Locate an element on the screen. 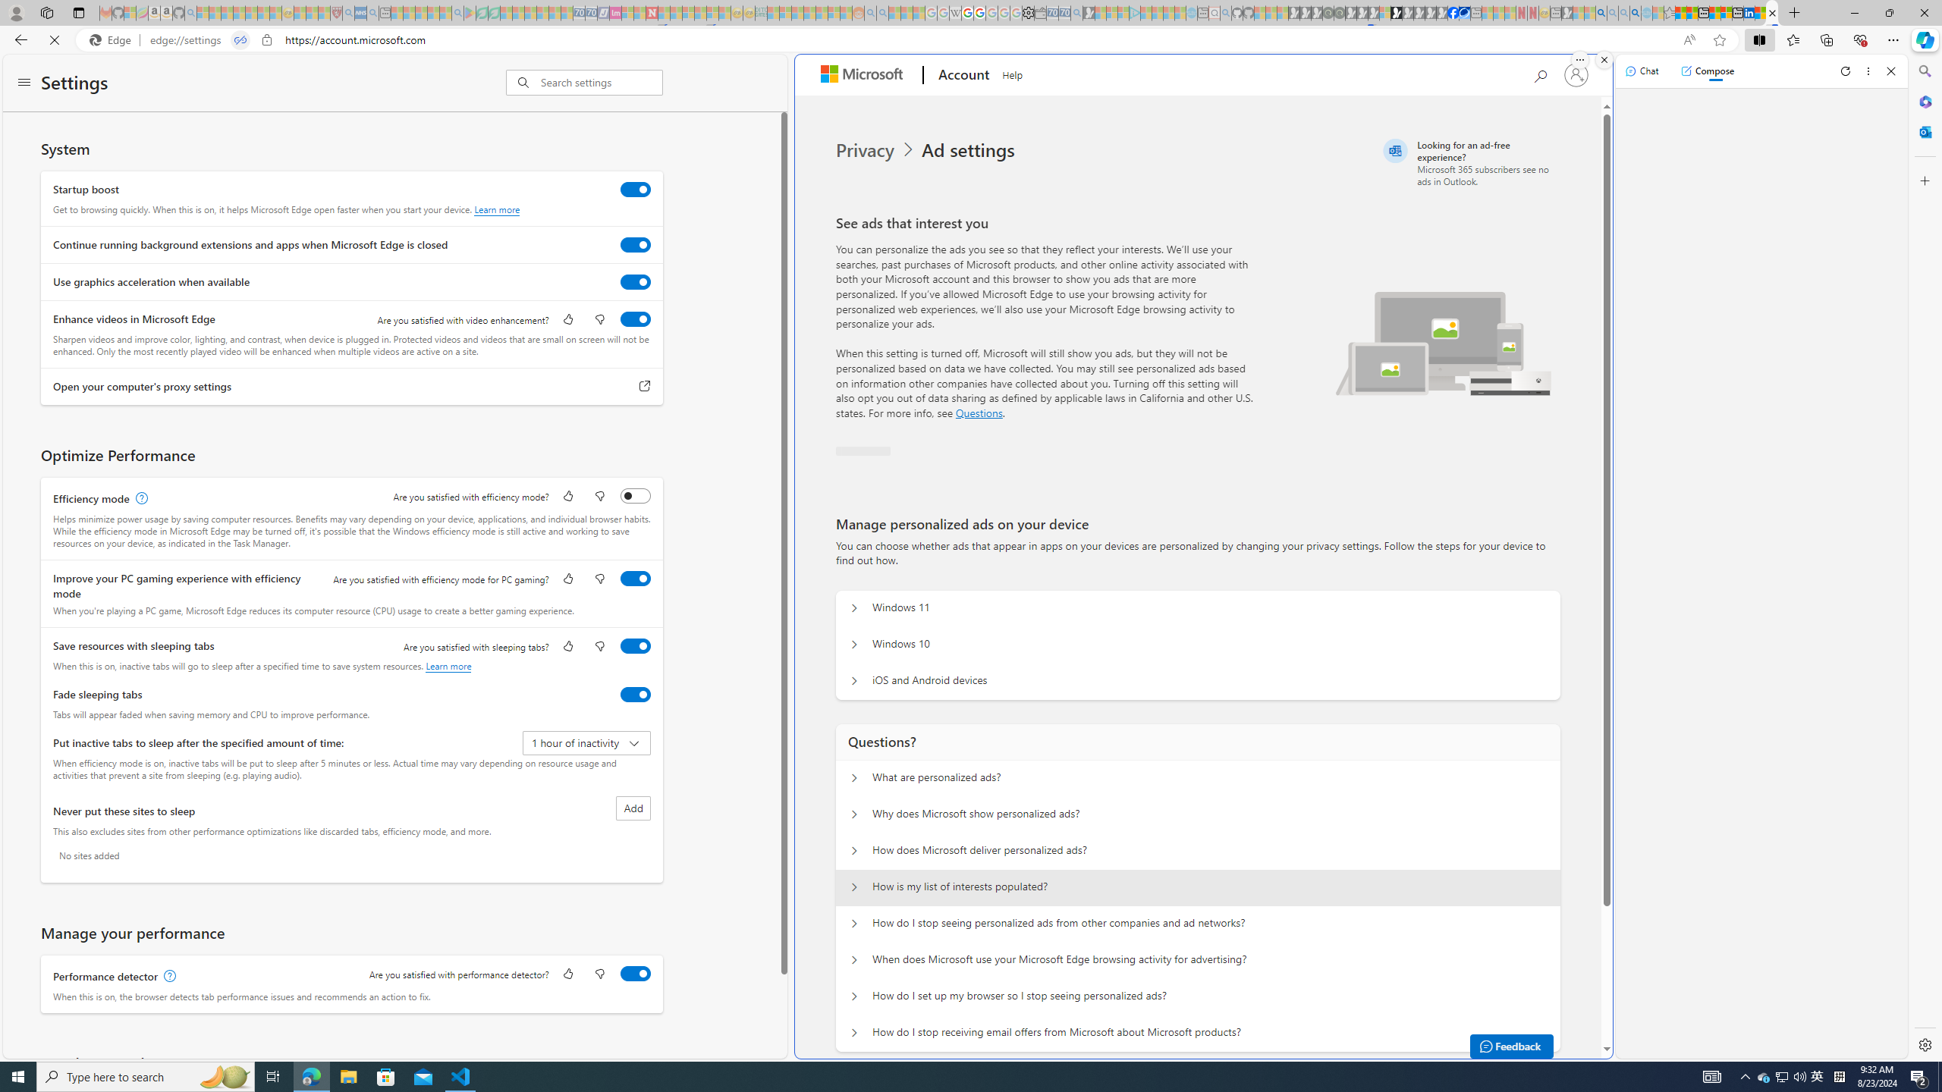 The image size is (1942, 1092). 'Manage personalized ads on your device Windows 10' is located at coordinates (853, 645).